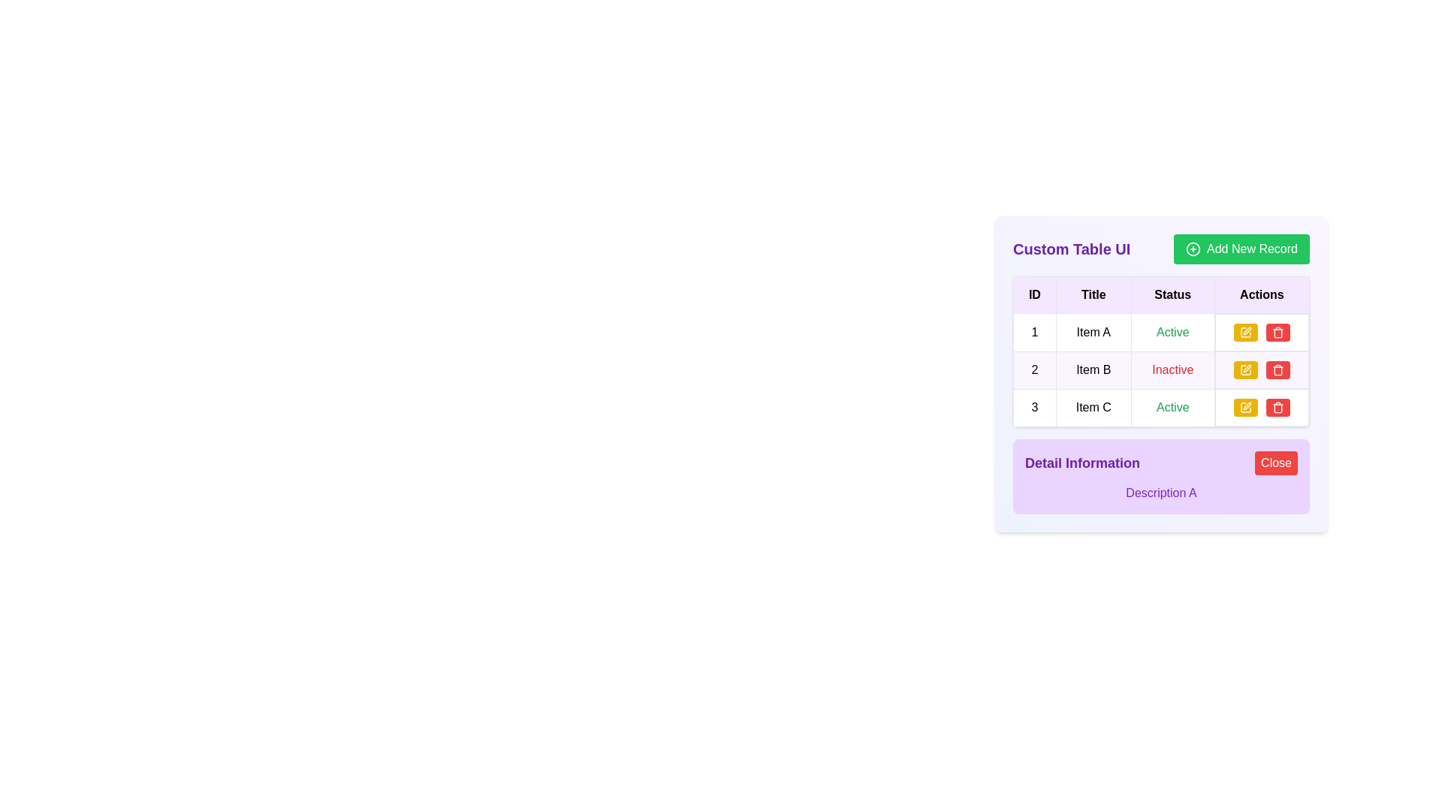 The width and height of the screenshot is (1442, 811). What do you see at coordinates (1245, 370) in the screenshot?
I see `the Icon Button in the 'Actions' column next to 'Item B'` at bounding box center [1245, 370].